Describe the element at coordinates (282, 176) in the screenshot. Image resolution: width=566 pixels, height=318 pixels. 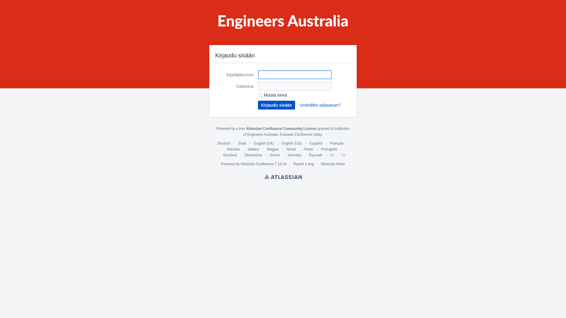
I see `'Atlassian'` at that location.